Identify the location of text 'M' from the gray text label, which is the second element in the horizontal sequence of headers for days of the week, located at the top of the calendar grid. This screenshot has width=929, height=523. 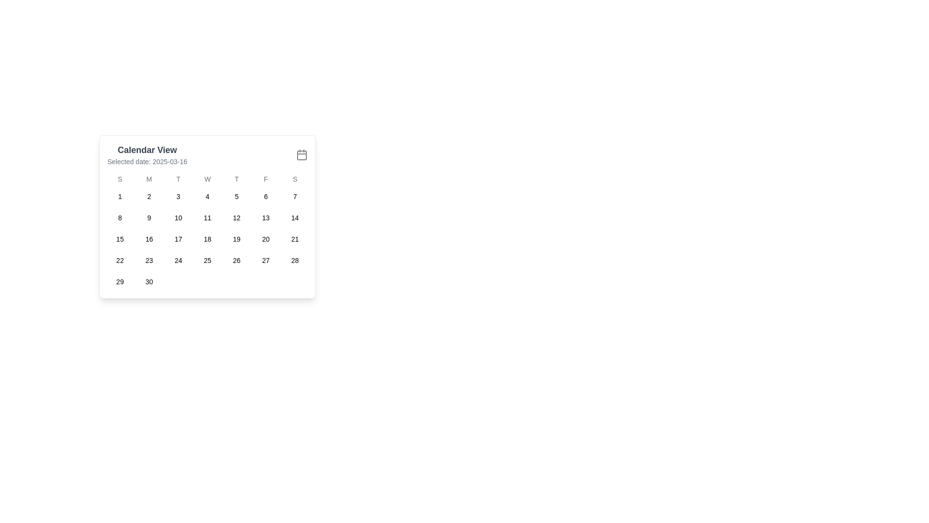
(149, 179).